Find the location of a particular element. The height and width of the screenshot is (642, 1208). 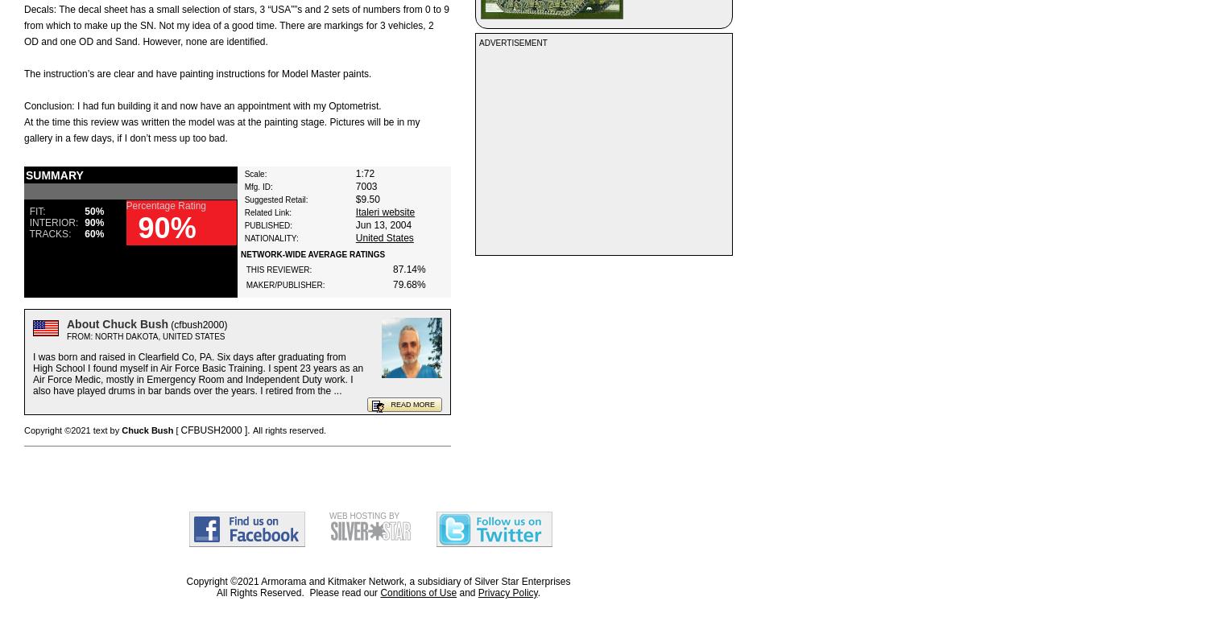

', a subsidiary of' is located at coordinates (438, 581).